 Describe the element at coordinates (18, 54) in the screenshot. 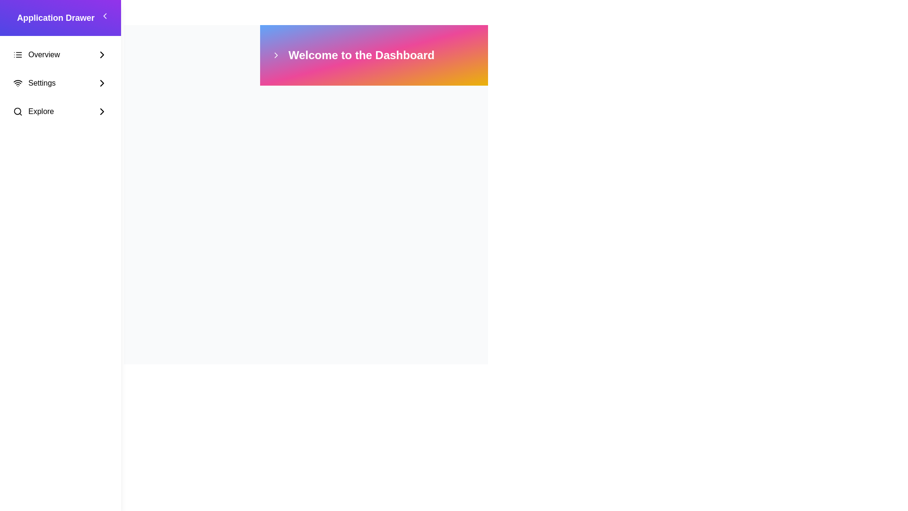

I see `the menu icon representing a list, which consists of three horizontal lines with small dots on their left side, located to the left of the 'Overview' label` at that location.